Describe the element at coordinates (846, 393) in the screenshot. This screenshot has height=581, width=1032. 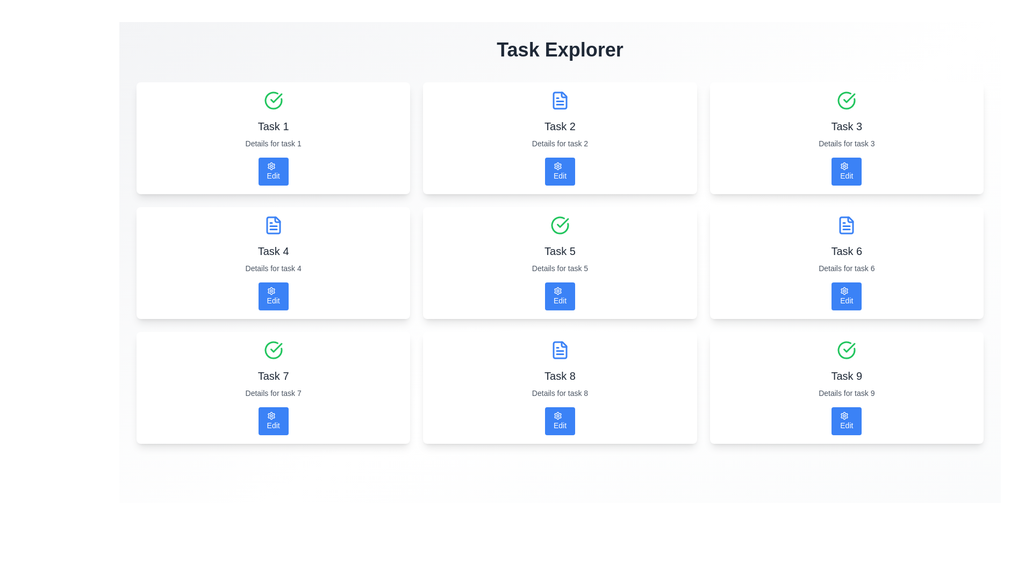
I see `the text label reading 'Details for task 9', which is styled with a small font and gray text color, located beneath the title 'Task 9' in the card block` at that location.